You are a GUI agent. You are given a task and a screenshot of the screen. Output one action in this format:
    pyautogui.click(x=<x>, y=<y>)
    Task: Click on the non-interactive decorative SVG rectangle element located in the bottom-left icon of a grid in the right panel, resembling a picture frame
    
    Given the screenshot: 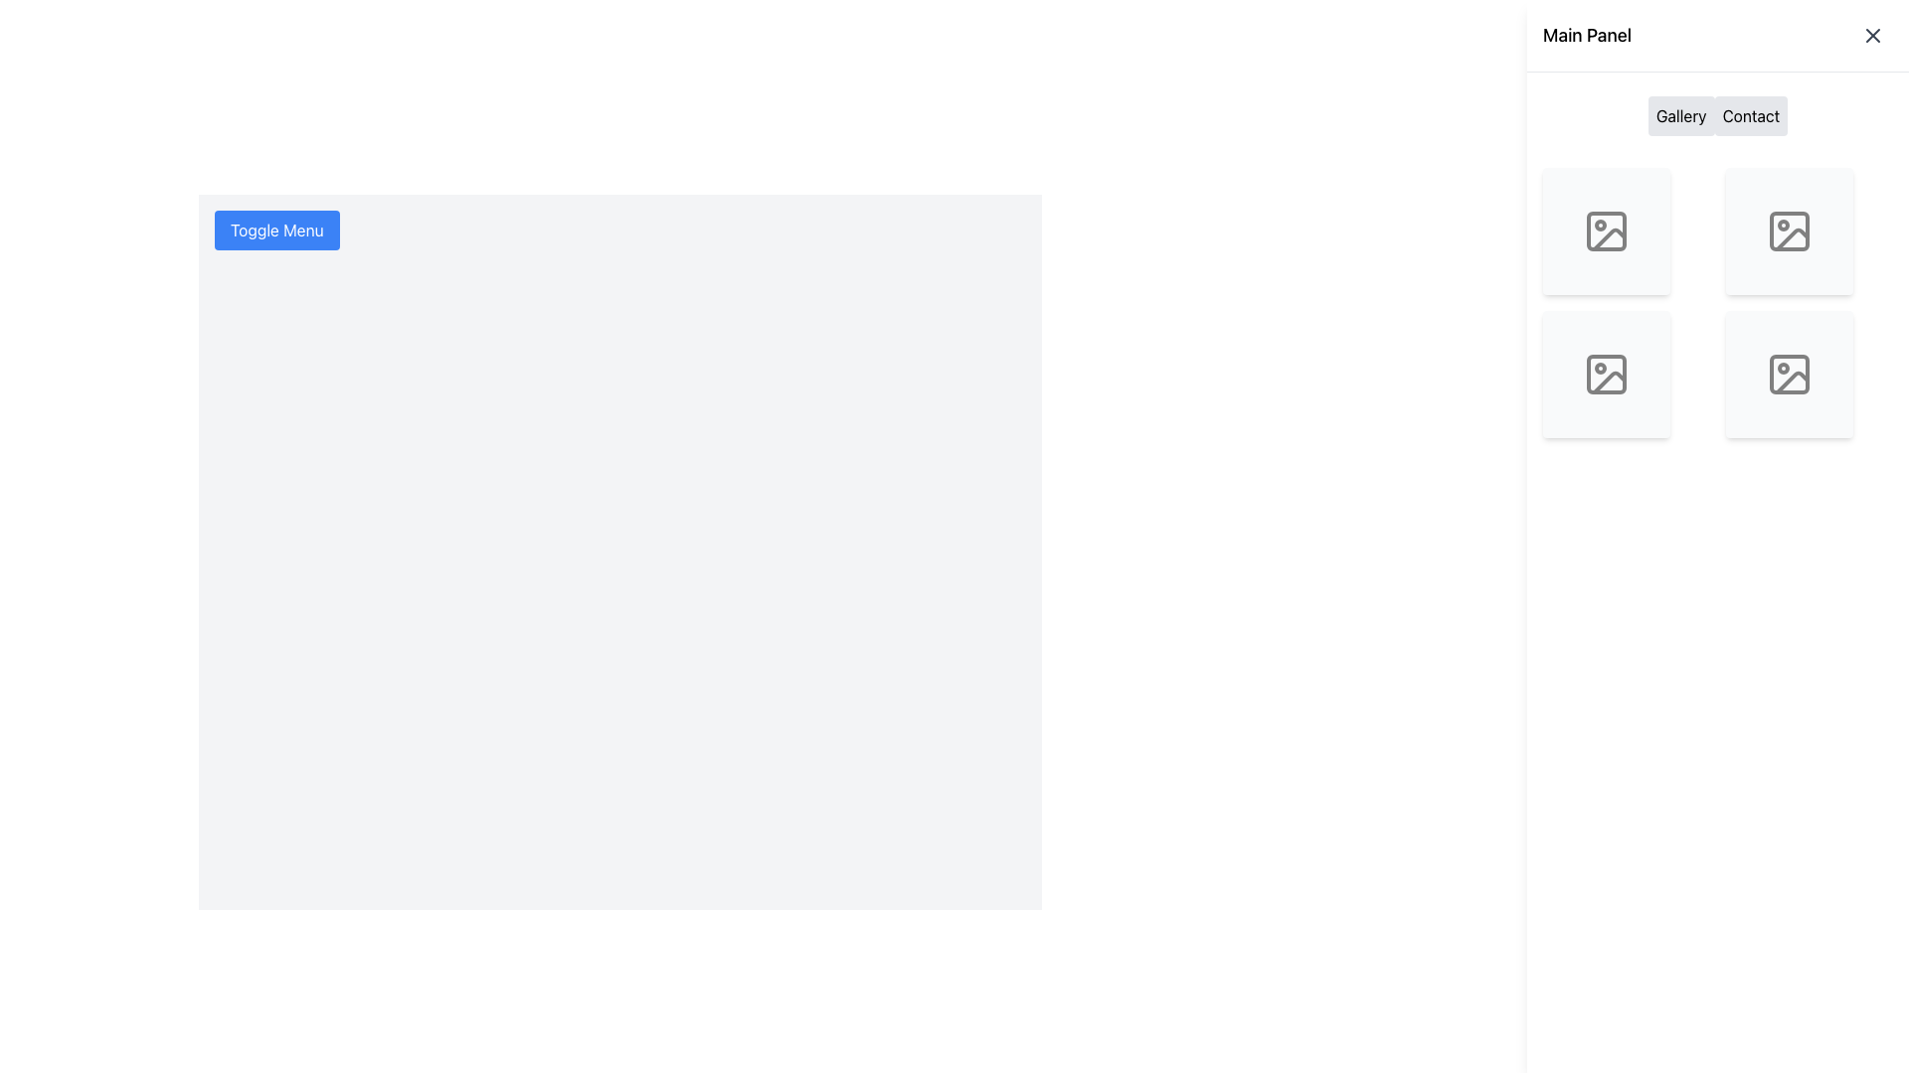 What is the action you would take?
    pyautogui.click(x=1607, y=375)
    